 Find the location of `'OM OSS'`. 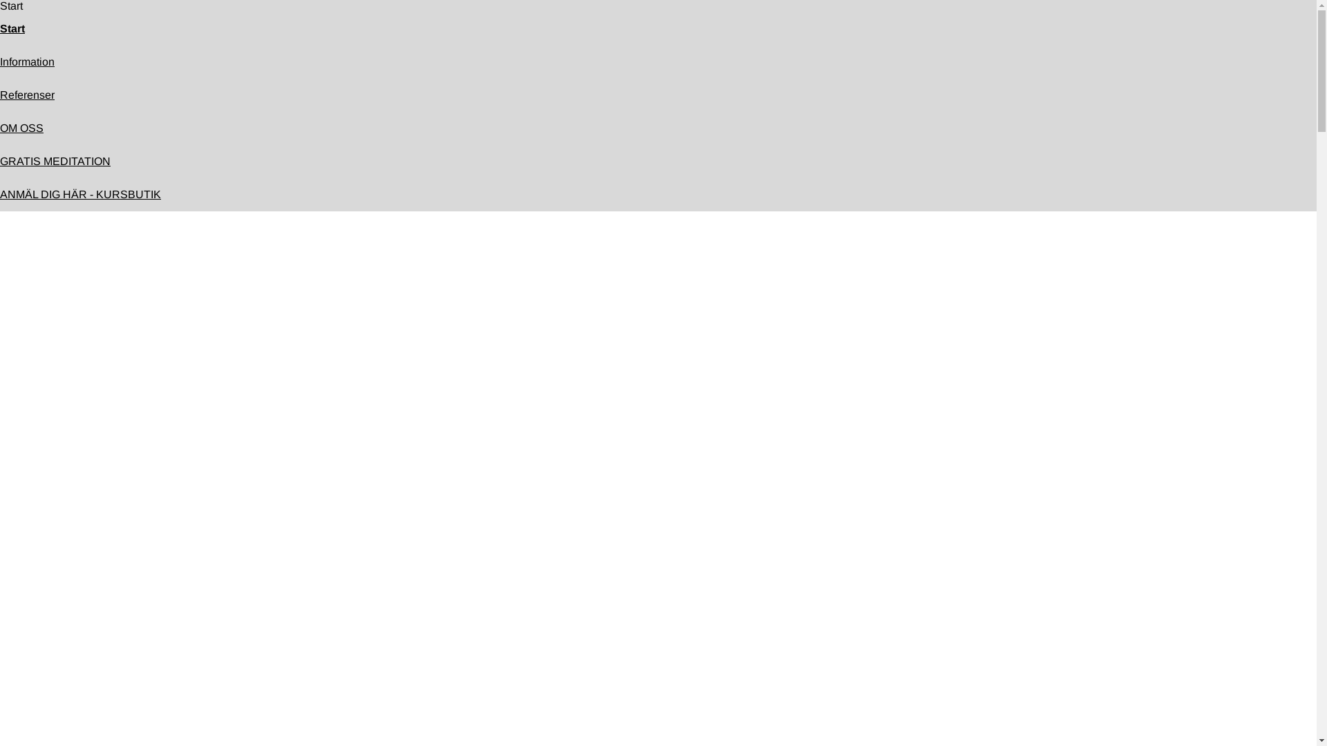

'OM OSS' is located at coordinates (21, 128).